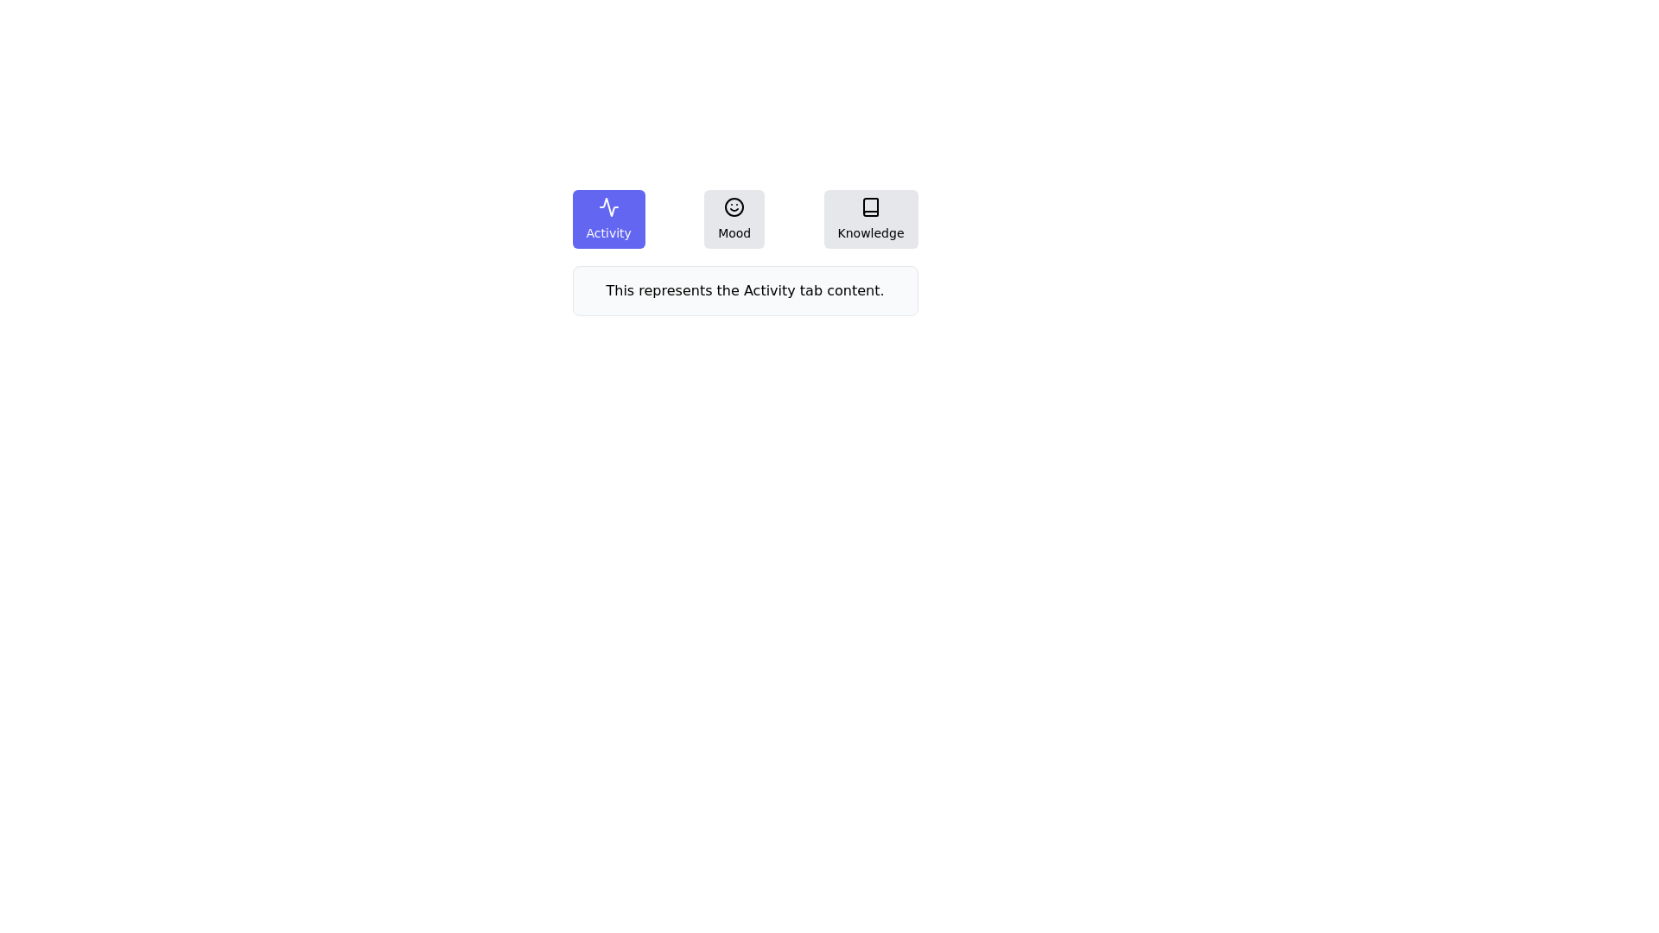 The image size is (1659, 933). I want to click on the 'Activity' SVG icon located at the top of the interface, which serves as a visual representation of the 'Activity' feature, so click(608, 206).